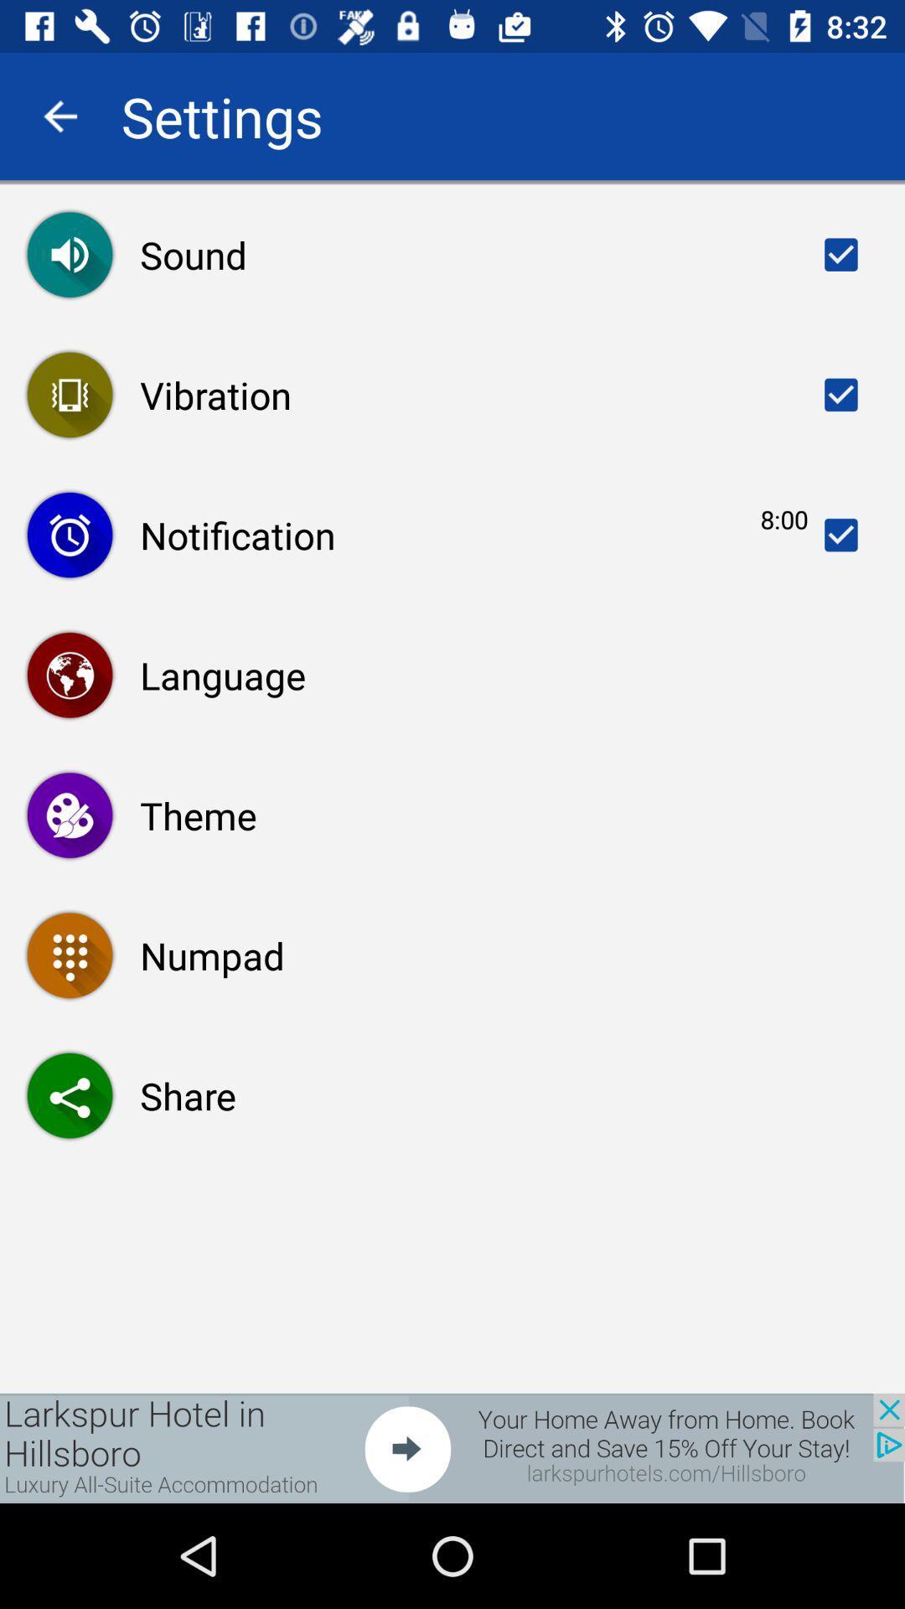  Describe the element at coordinates (840, 534) in the screenshot. I see `confirm option` at that location.